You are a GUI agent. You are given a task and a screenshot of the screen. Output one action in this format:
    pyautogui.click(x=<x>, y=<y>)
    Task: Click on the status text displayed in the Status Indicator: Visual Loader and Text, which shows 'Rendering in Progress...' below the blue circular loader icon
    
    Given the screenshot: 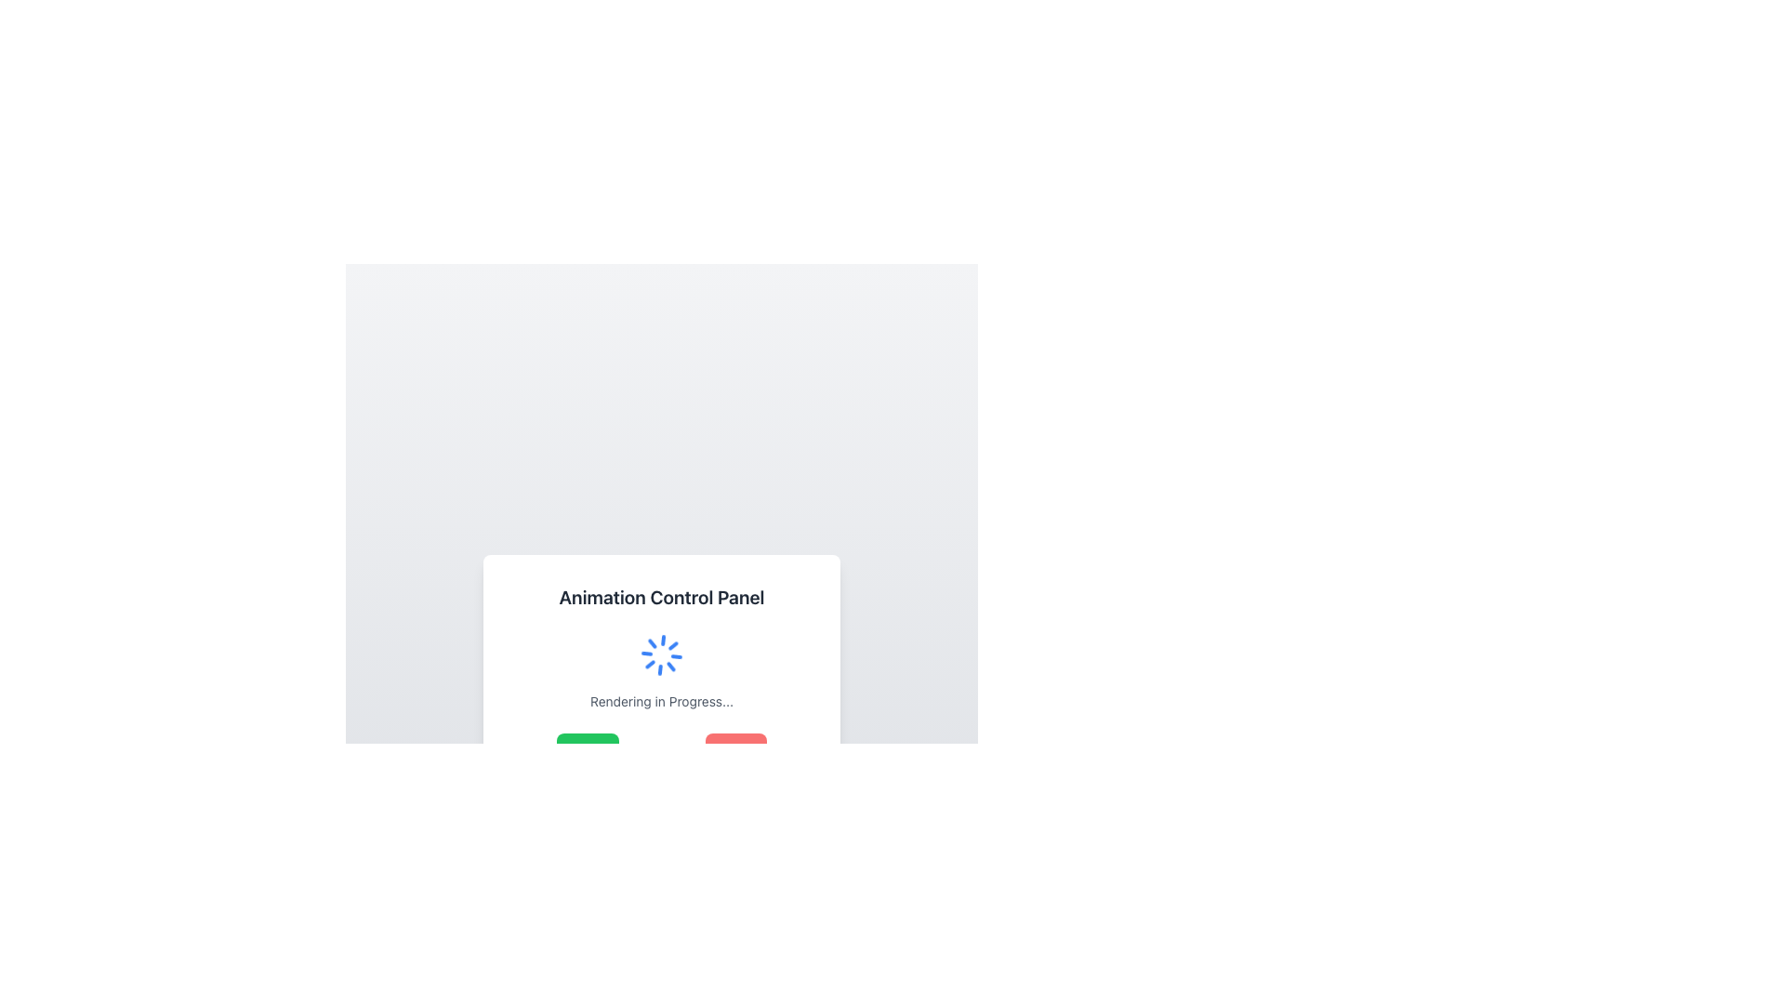 What is the action you would take?
    pyautogui.click(x=661, y=670)
    